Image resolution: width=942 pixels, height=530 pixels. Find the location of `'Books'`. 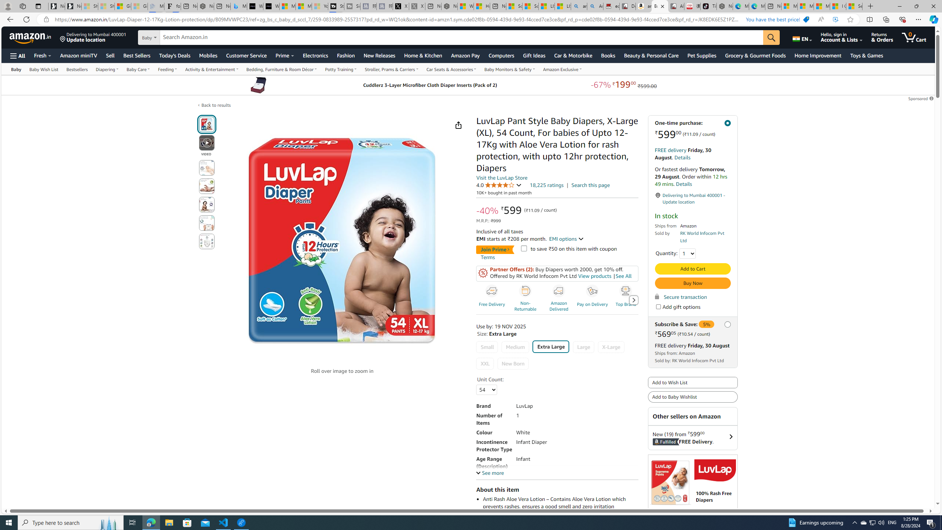

'Books' is located at coordinates (608, 55).